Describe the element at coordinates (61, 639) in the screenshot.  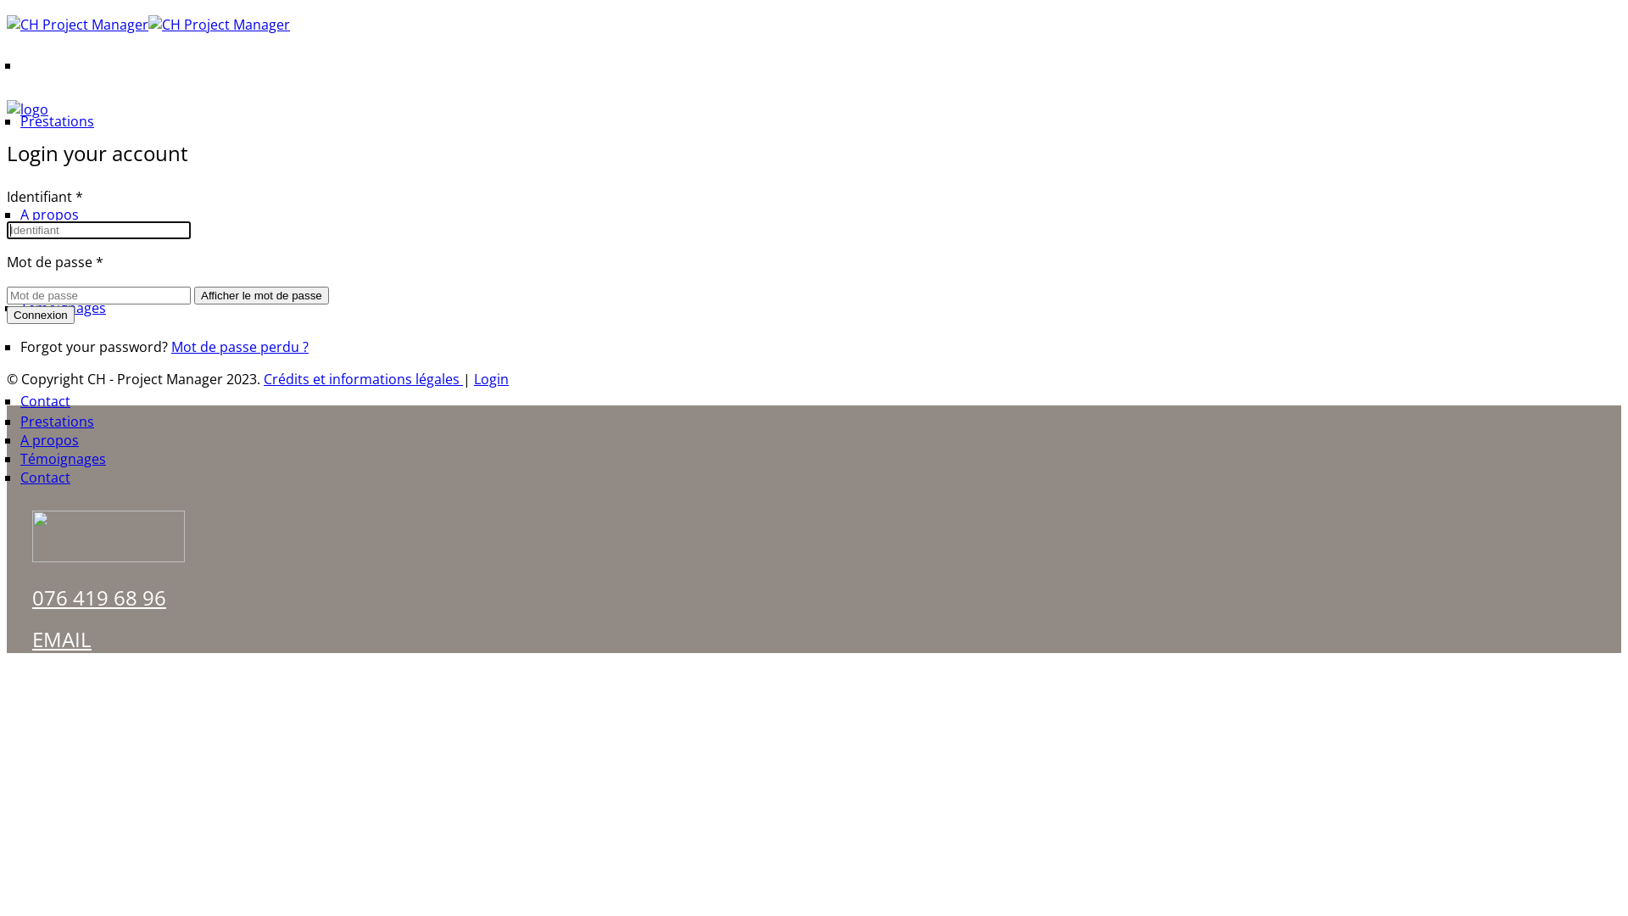
I see `'EMAIL'` at that location.